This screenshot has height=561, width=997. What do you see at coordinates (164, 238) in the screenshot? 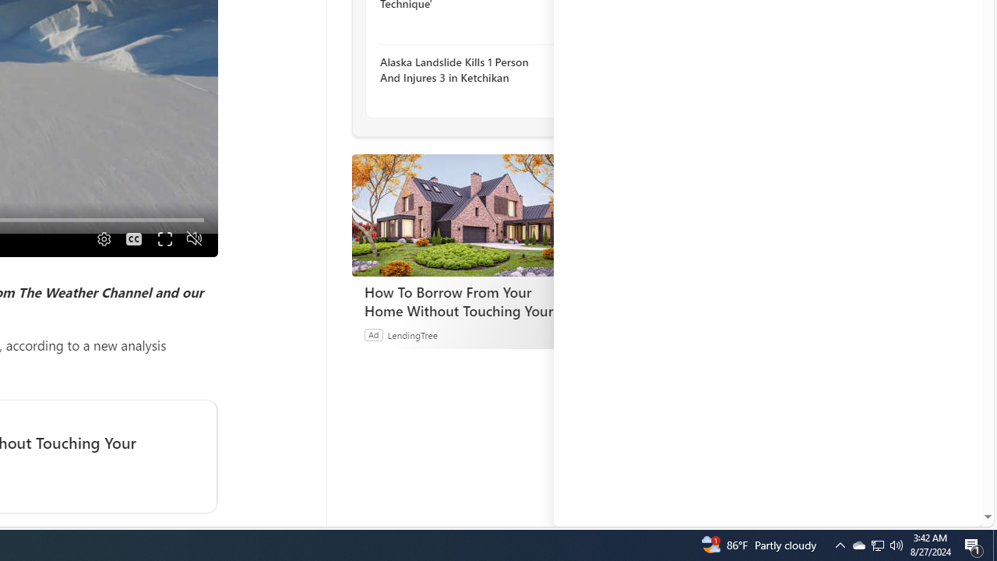
I see `'Fullscreen'` at bounding box center [164, 238].